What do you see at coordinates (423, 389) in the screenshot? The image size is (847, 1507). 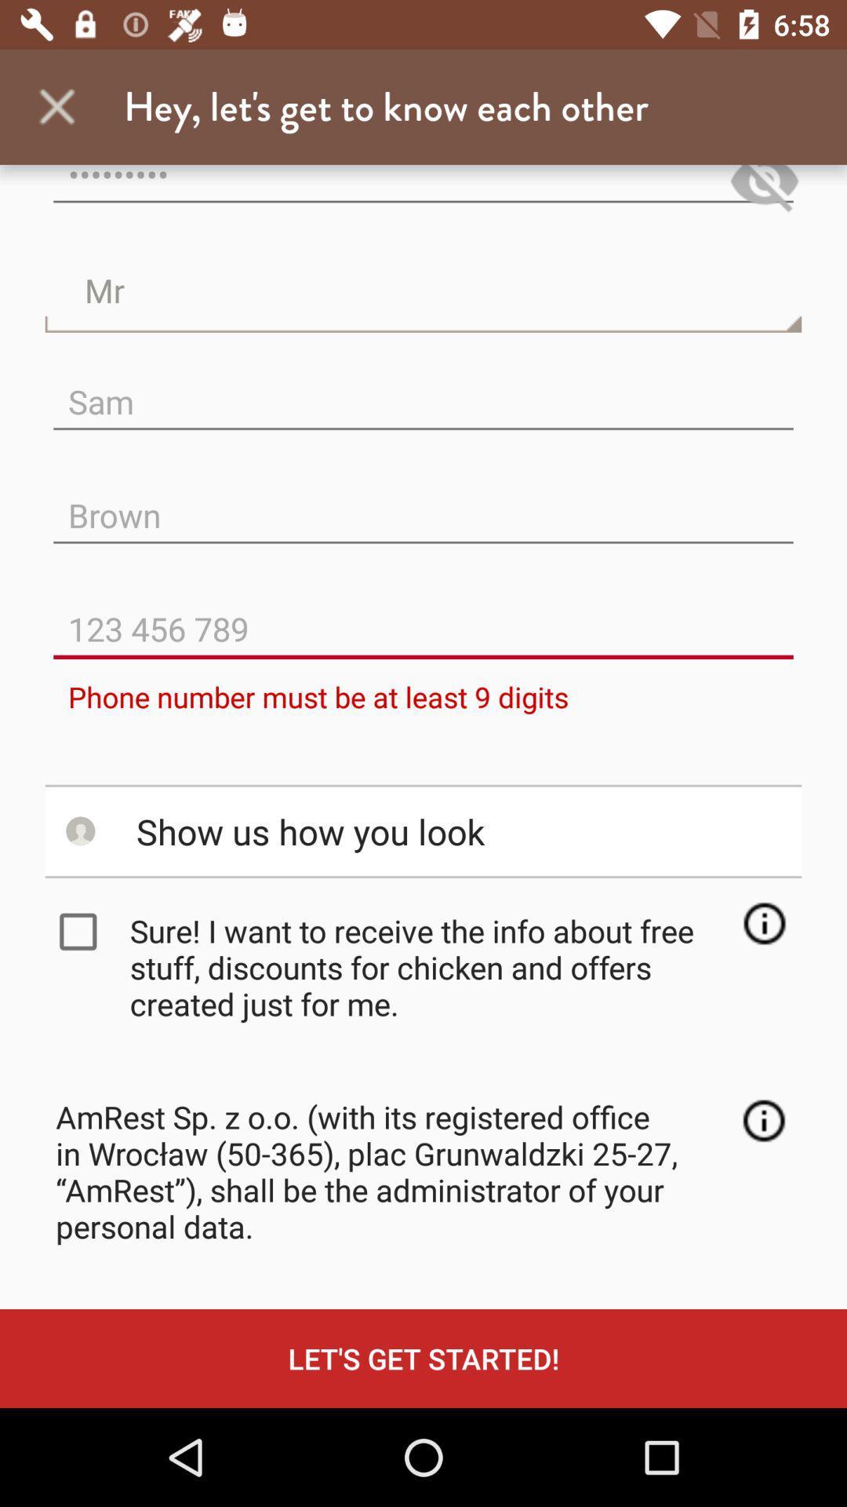 I see `the text field which has sam in it` at bounding box center [423, 389].